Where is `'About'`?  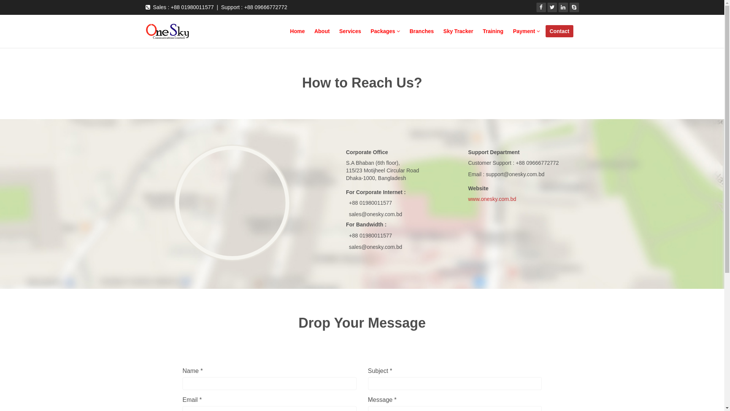 'About' is located at coordinates (322, 30).